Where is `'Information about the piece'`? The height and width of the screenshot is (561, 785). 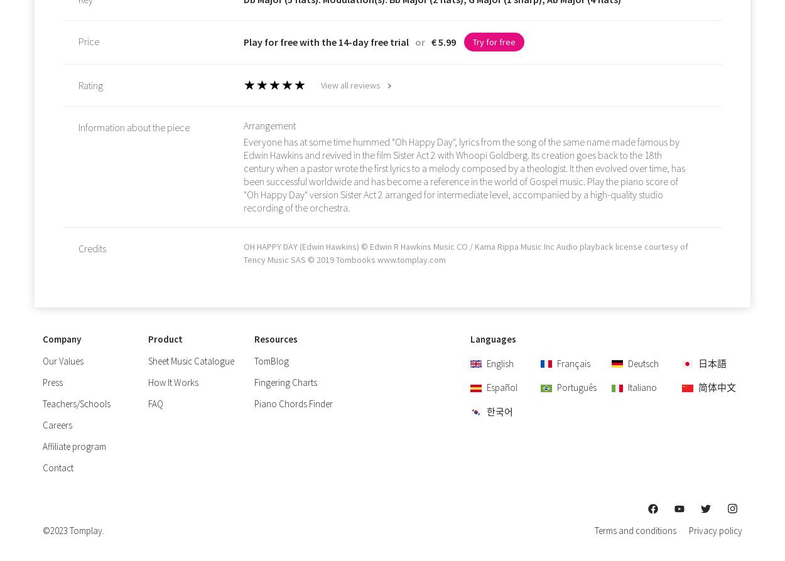 'Information about the piece' is located at coordinates (78, 127).